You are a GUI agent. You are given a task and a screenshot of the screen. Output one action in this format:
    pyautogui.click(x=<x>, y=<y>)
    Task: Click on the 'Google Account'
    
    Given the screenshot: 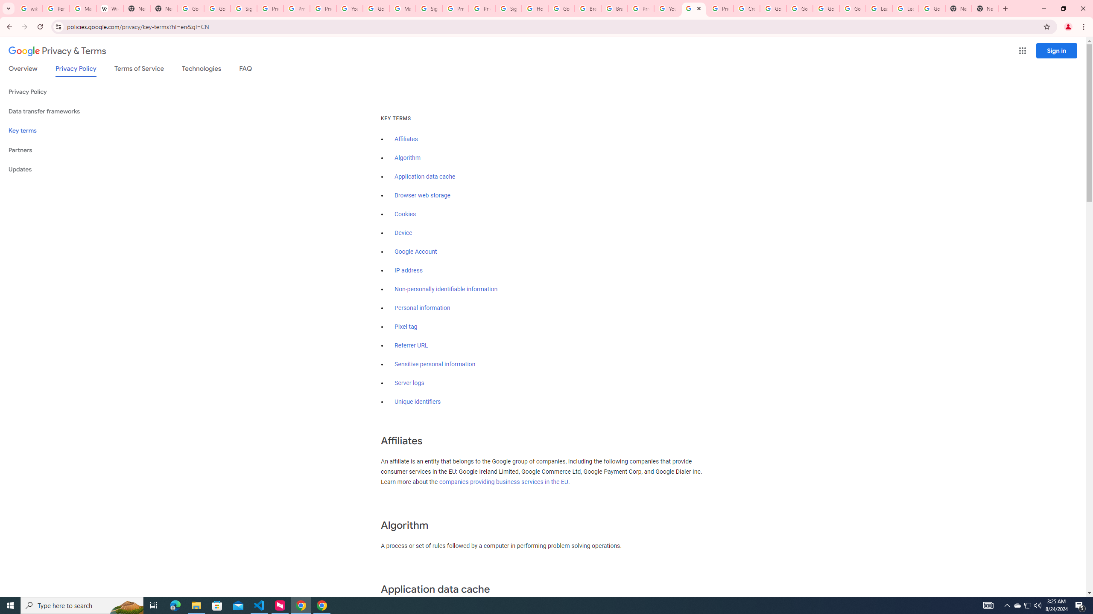 What is the action you would take?
    pyautogui.click(x=416, y=252)
    